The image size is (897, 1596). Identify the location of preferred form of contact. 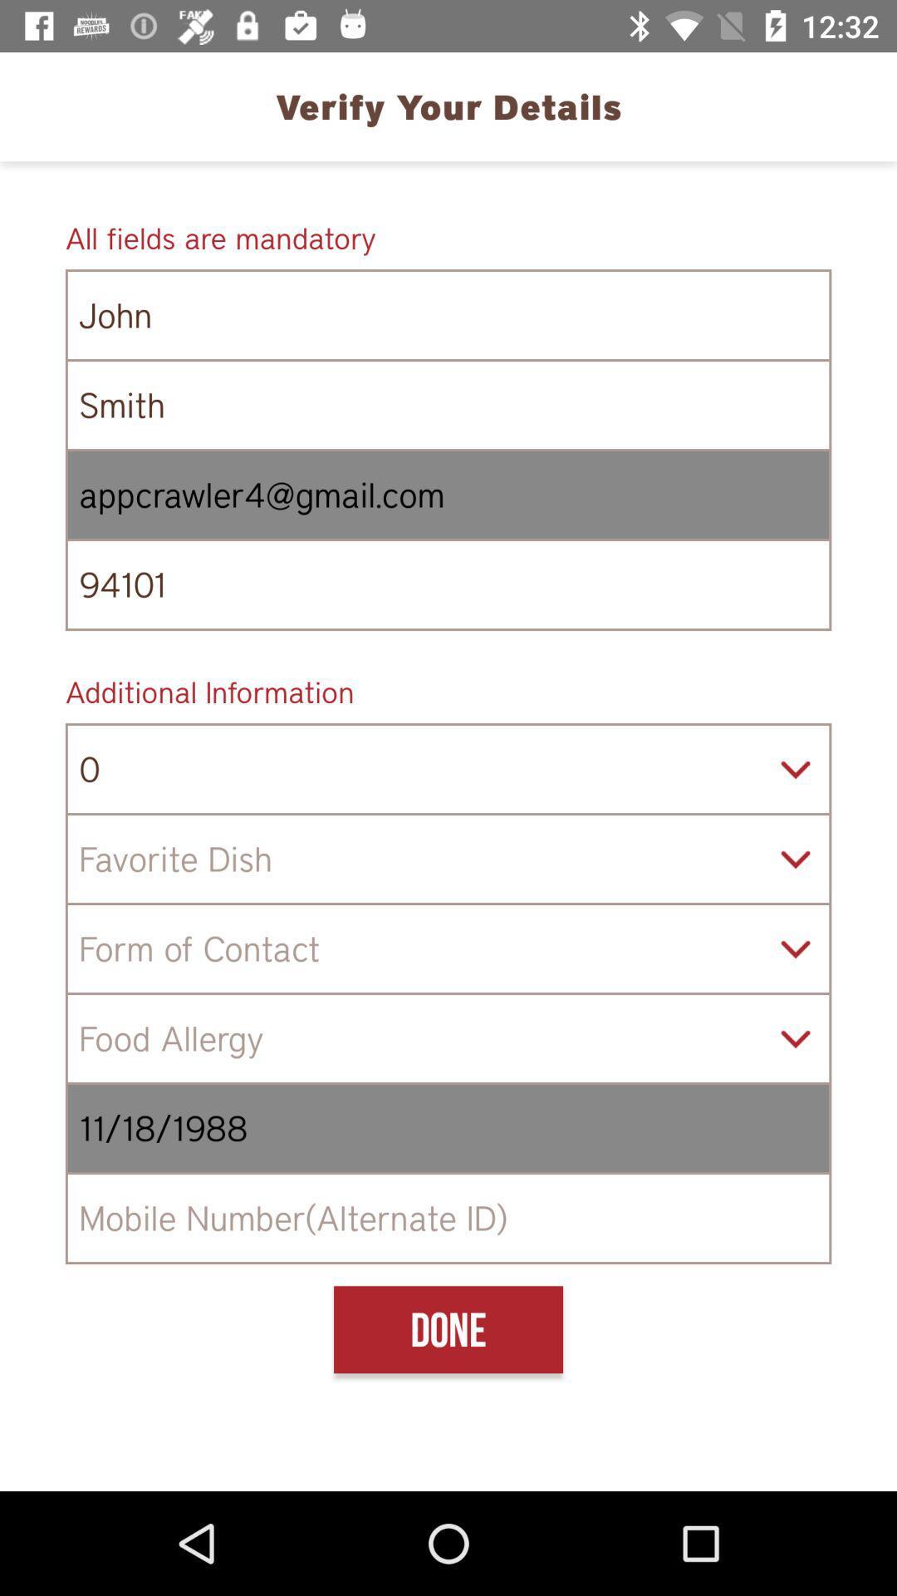
(448, 948).